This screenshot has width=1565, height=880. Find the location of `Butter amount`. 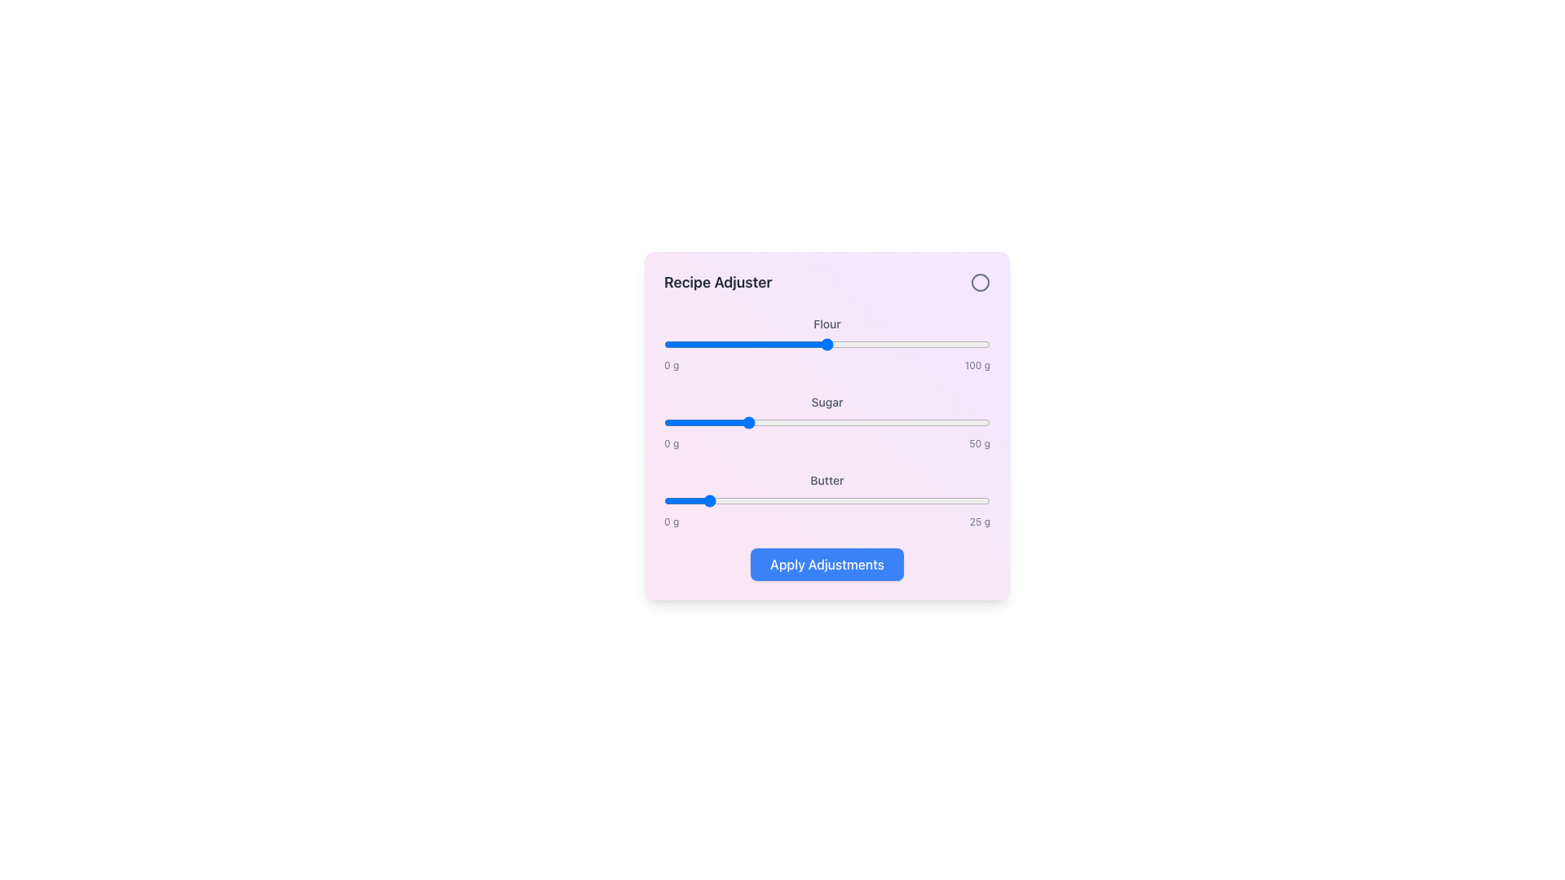

Butter amount is located at coordinates (915, 499).